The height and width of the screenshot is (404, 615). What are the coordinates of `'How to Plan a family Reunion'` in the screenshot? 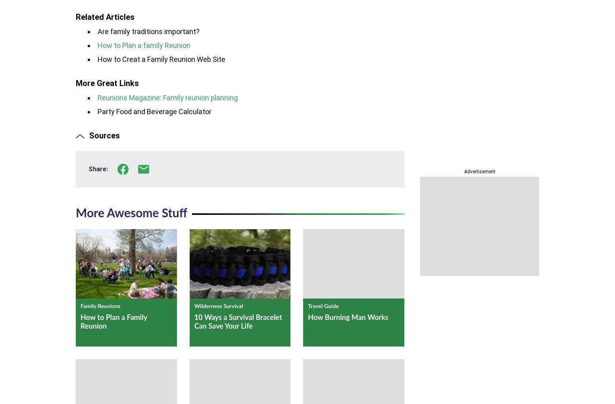 It's located at (144, 45).